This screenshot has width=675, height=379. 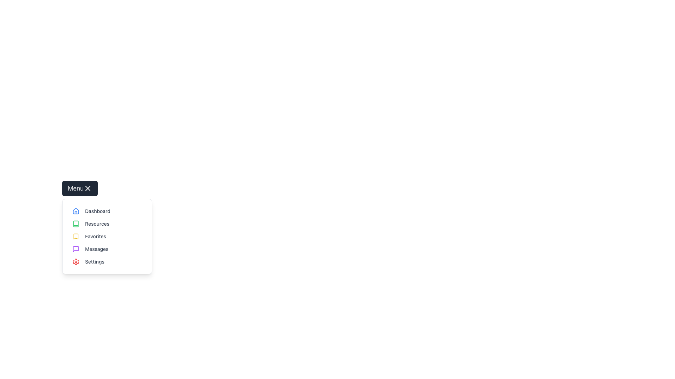 I want to click on the static text label that serves as a descriptor for the dropdown menu, located at the top left corner of the dropdown, adjacent to a 'Close' icon, so click(x=76, y=188).